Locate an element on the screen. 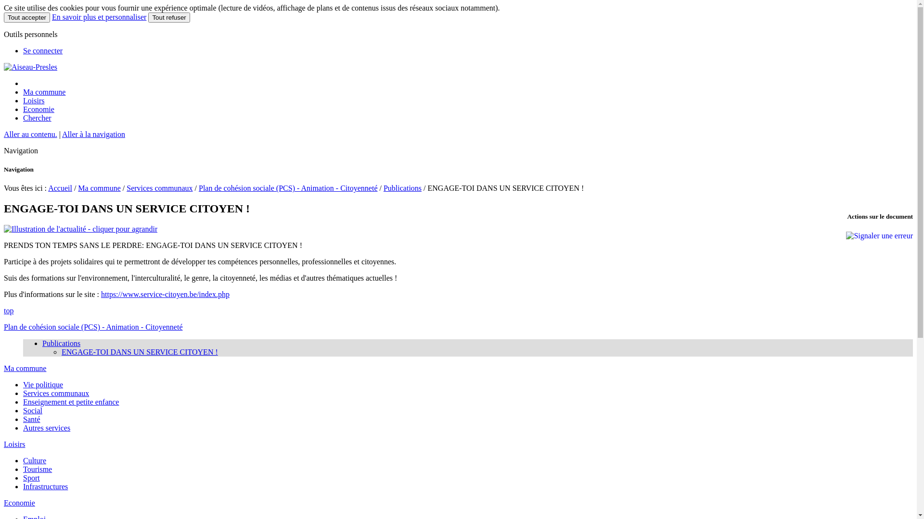 The image size is (924, 519). 'Publications' is located at coordinates (61, 343).